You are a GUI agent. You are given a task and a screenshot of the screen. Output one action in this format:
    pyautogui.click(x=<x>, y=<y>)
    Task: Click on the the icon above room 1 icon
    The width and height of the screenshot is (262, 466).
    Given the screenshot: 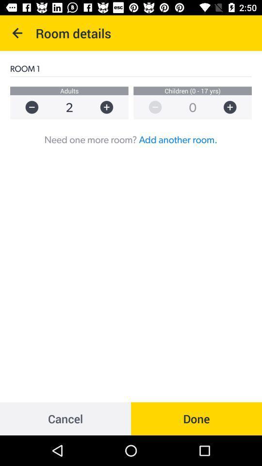 What is the action you would take?
    pyautogui.click(x=17, y=33)
    